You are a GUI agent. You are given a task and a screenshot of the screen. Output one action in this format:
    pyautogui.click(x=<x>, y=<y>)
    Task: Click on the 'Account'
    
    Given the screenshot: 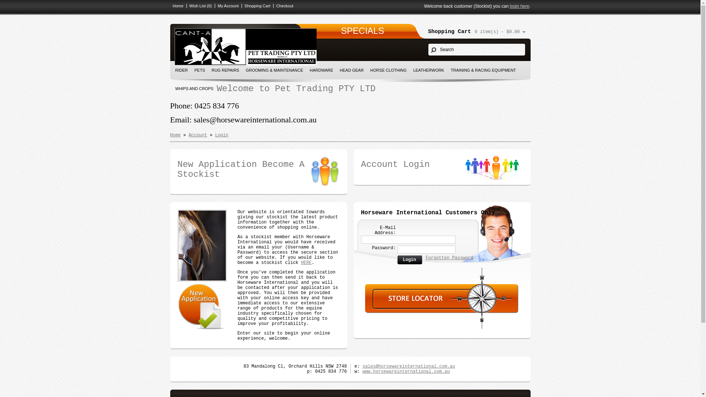 What is the action you would take?
    pyautogui.click(x=197, y=135)
    